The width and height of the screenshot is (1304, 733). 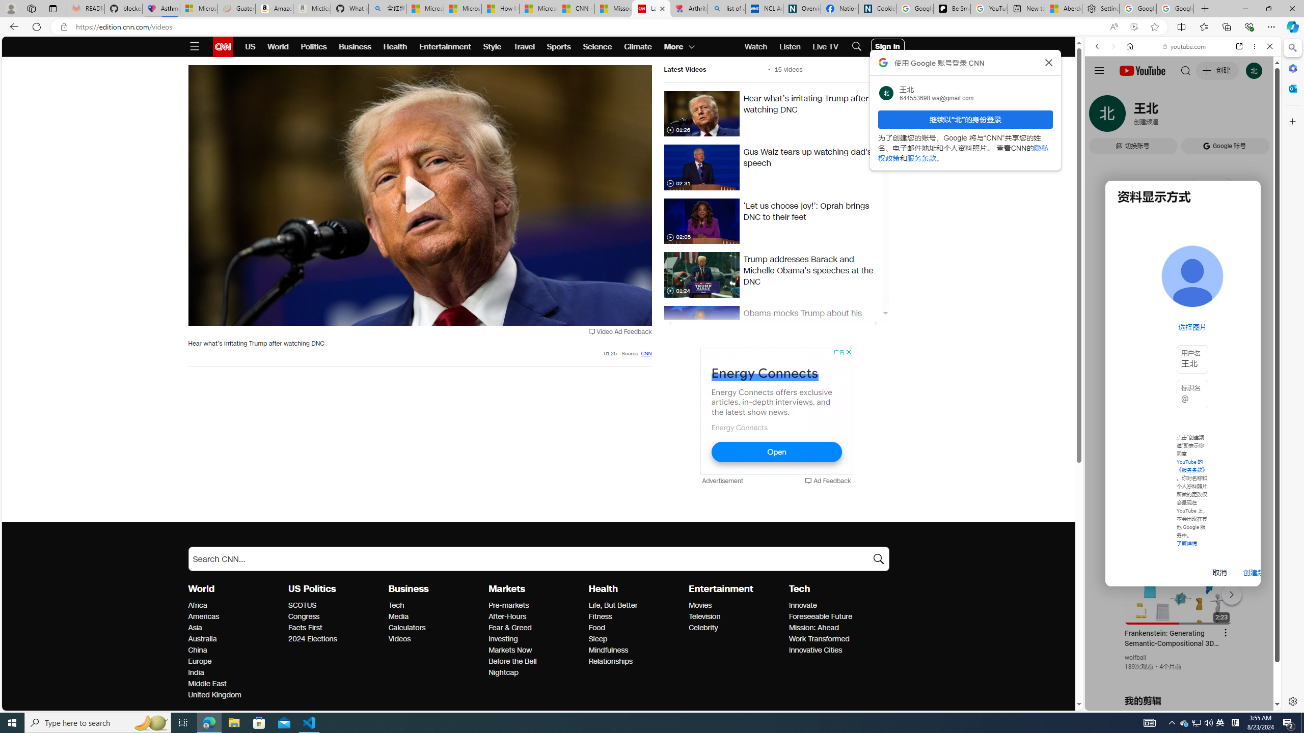 What do you see at coordinates (1179, 501) in the screenshot?
I see `'YouTube - YouTube'` at bounding box center [1179, 501].